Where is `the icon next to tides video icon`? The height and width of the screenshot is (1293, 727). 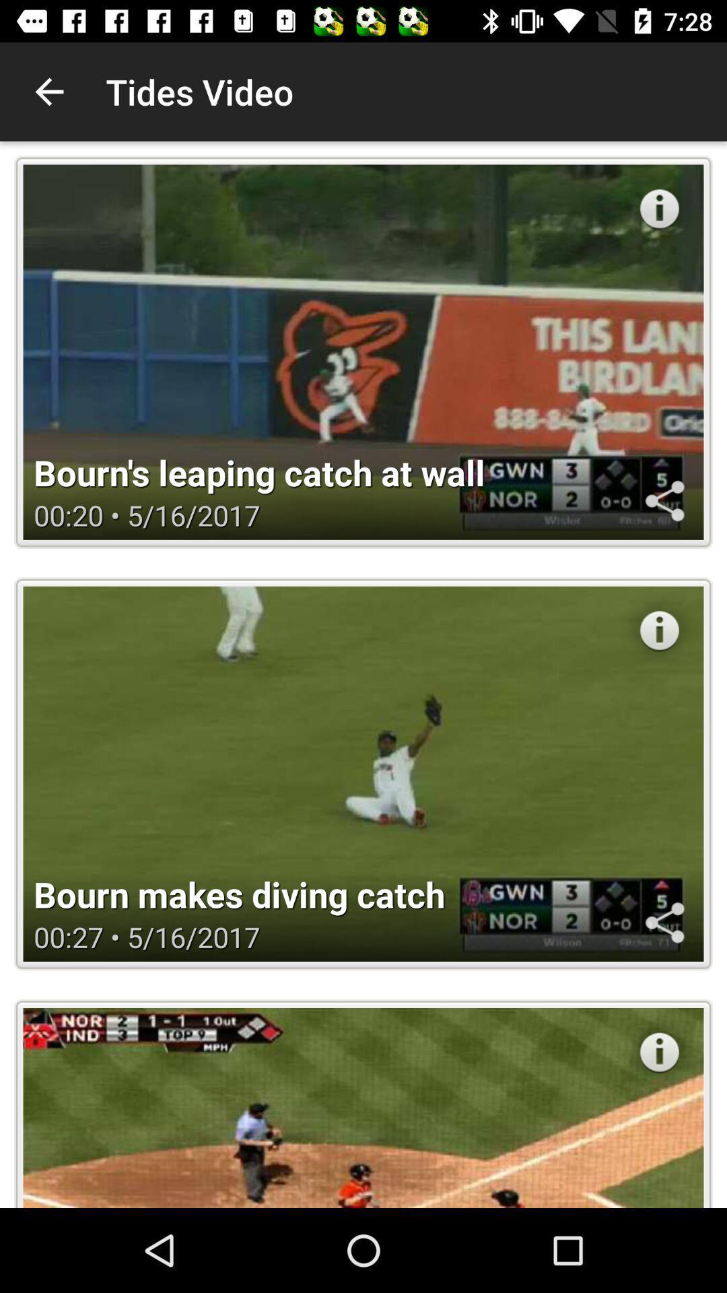
the icon next to tides video icon is located at coordinates (48, 91).